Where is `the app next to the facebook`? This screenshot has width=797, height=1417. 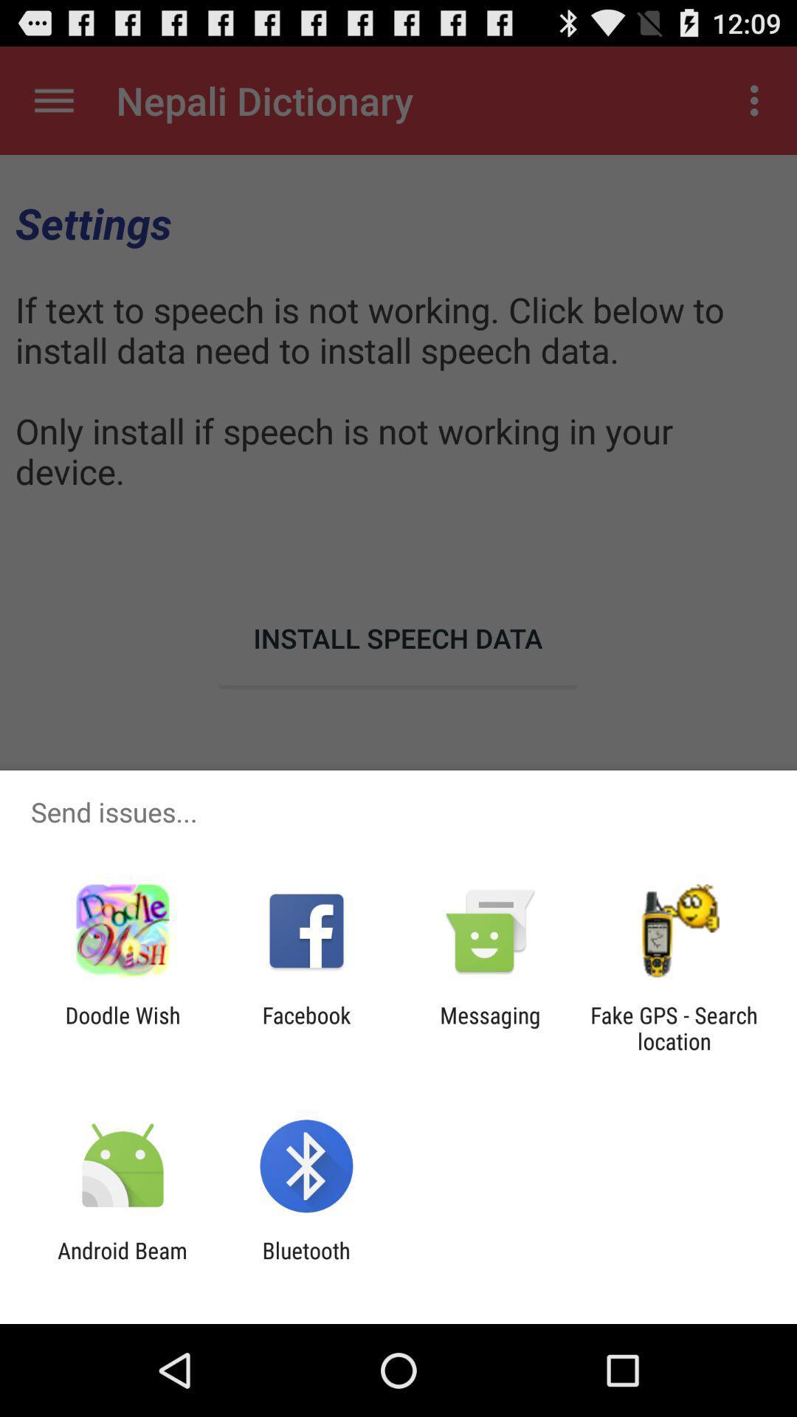 the app next to the facebook is located at coordinates (490, 1027).